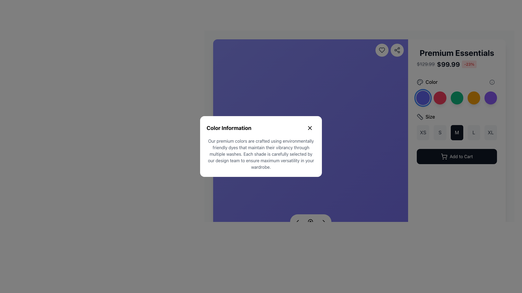 The image size is (522, 293). What do you see at coordinates (457, 133) in the screenshot?
I see `the 'M' size selection button, which is the third button in a horizontal row of five size options labeled 'XS', 'S', 'M', 'L', and 'XL', located beneath the 'Size' label in the product details section` at bounding box center [457, 133].